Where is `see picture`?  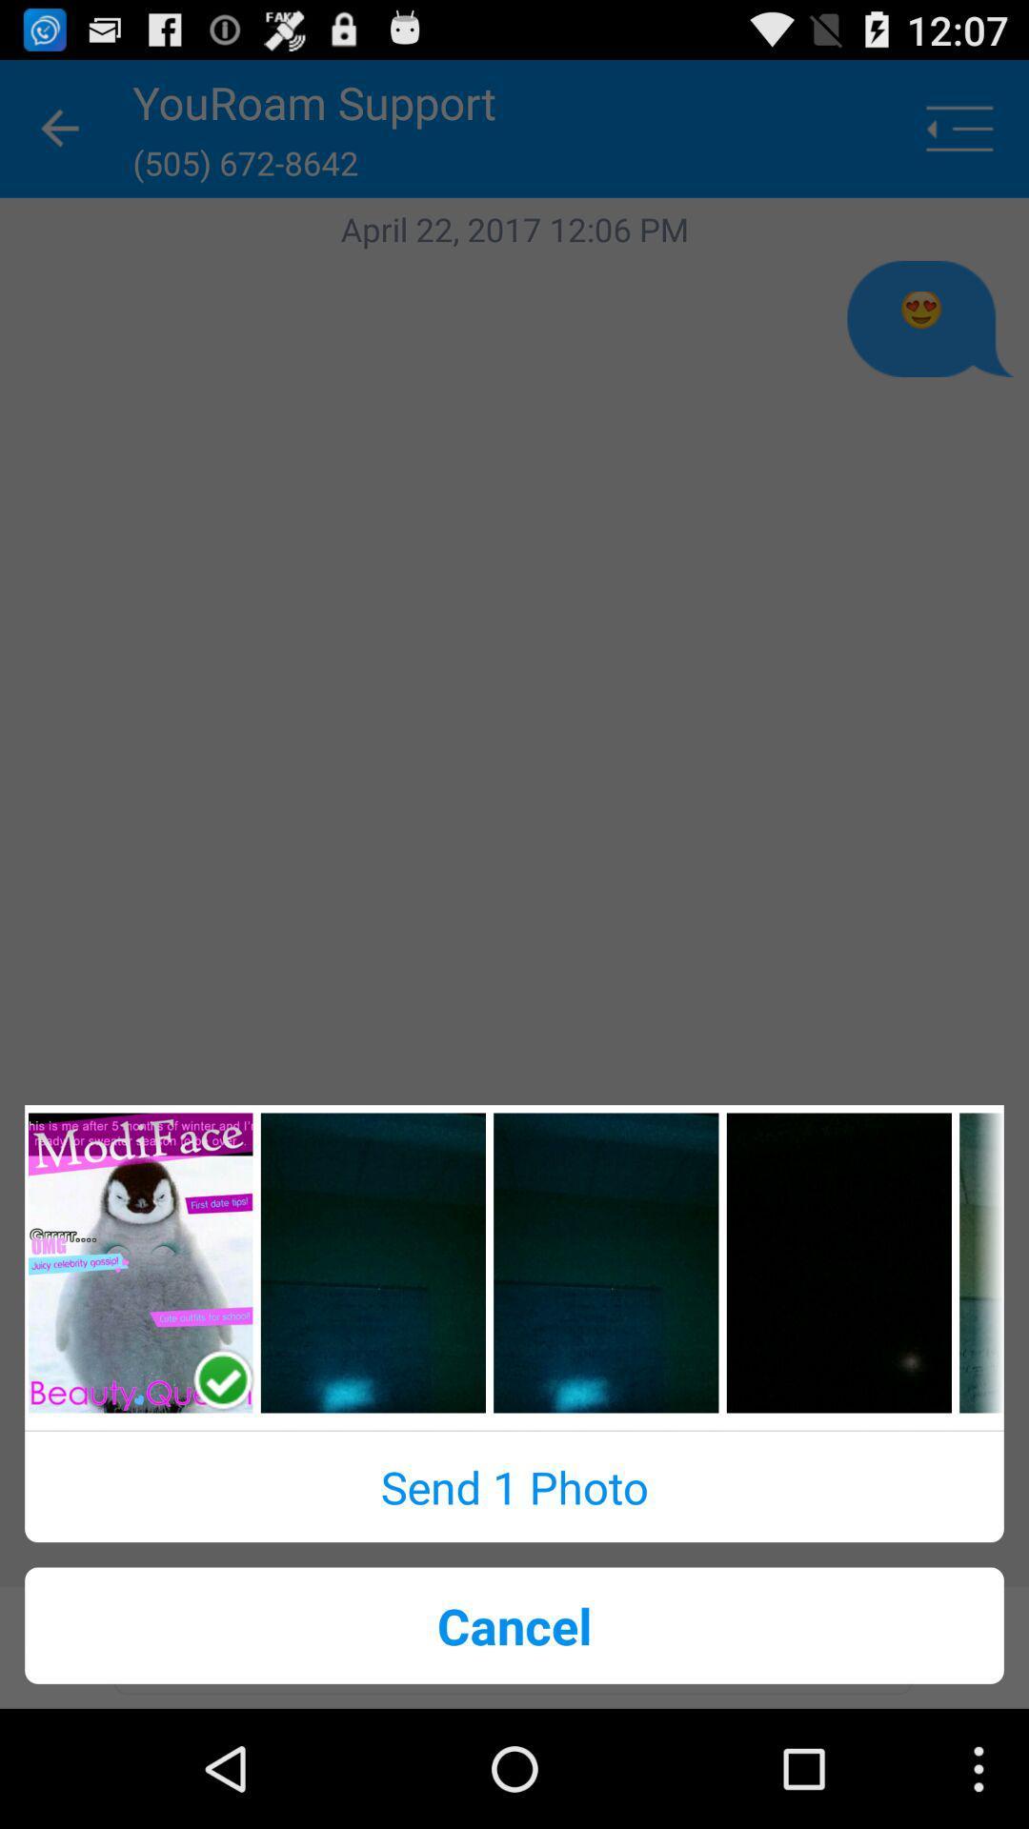
see picture is located at coordinates (606, 1262).